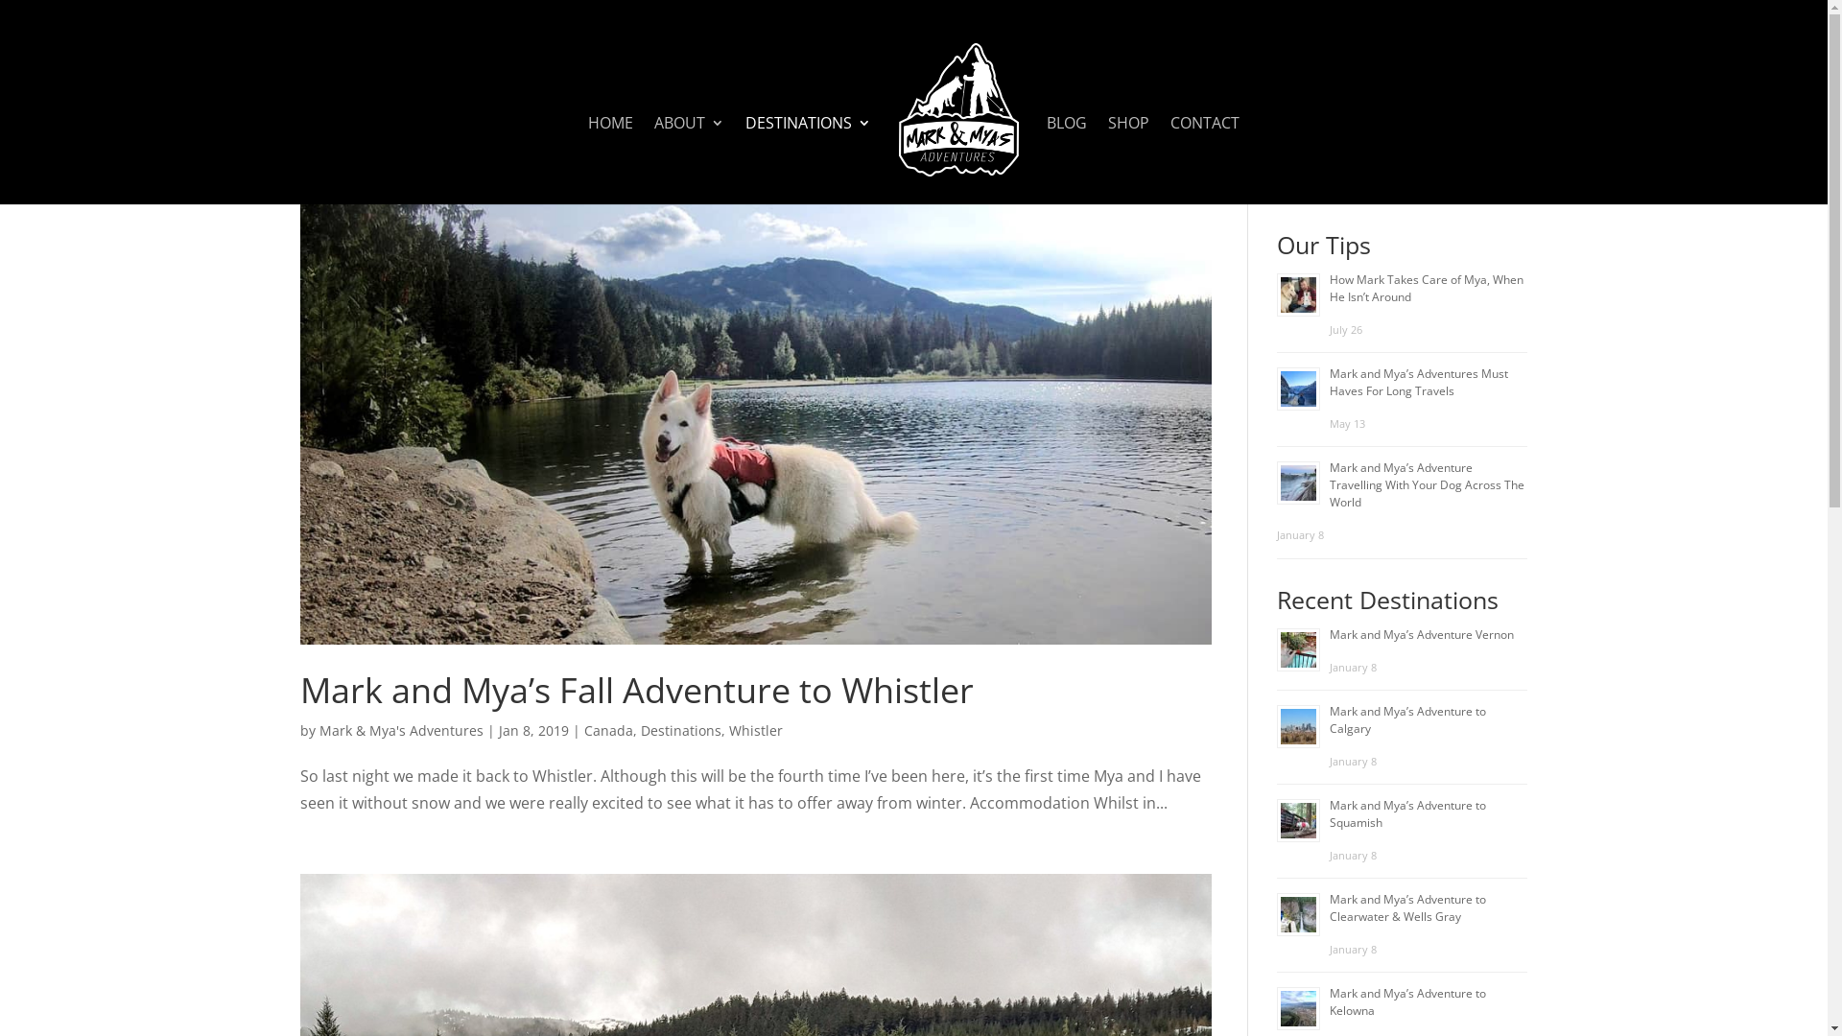 Image resolution: width=1842 pixels, height=1036 pixels. I want to click on 'Canada', so click(606, 730).